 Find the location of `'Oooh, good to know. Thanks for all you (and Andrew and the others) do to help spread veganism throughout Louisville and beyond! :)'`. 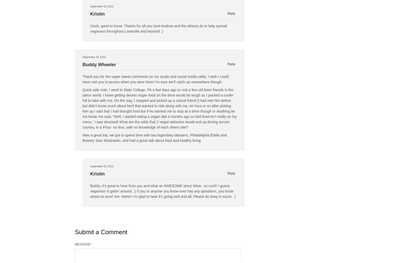

'Oooh, good to know. Thanks for all you (and Andrew and the others) do to help spread veganism throughout Louisville and beyond! :)' is located at coordinates (158, 29).